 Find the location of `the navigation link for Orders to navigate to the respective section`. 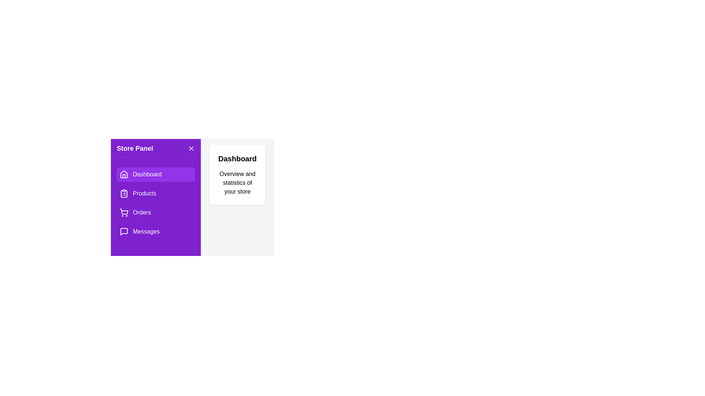

the navigation link for Orders to navigate to the respective section is located at coordinates (155, 212).